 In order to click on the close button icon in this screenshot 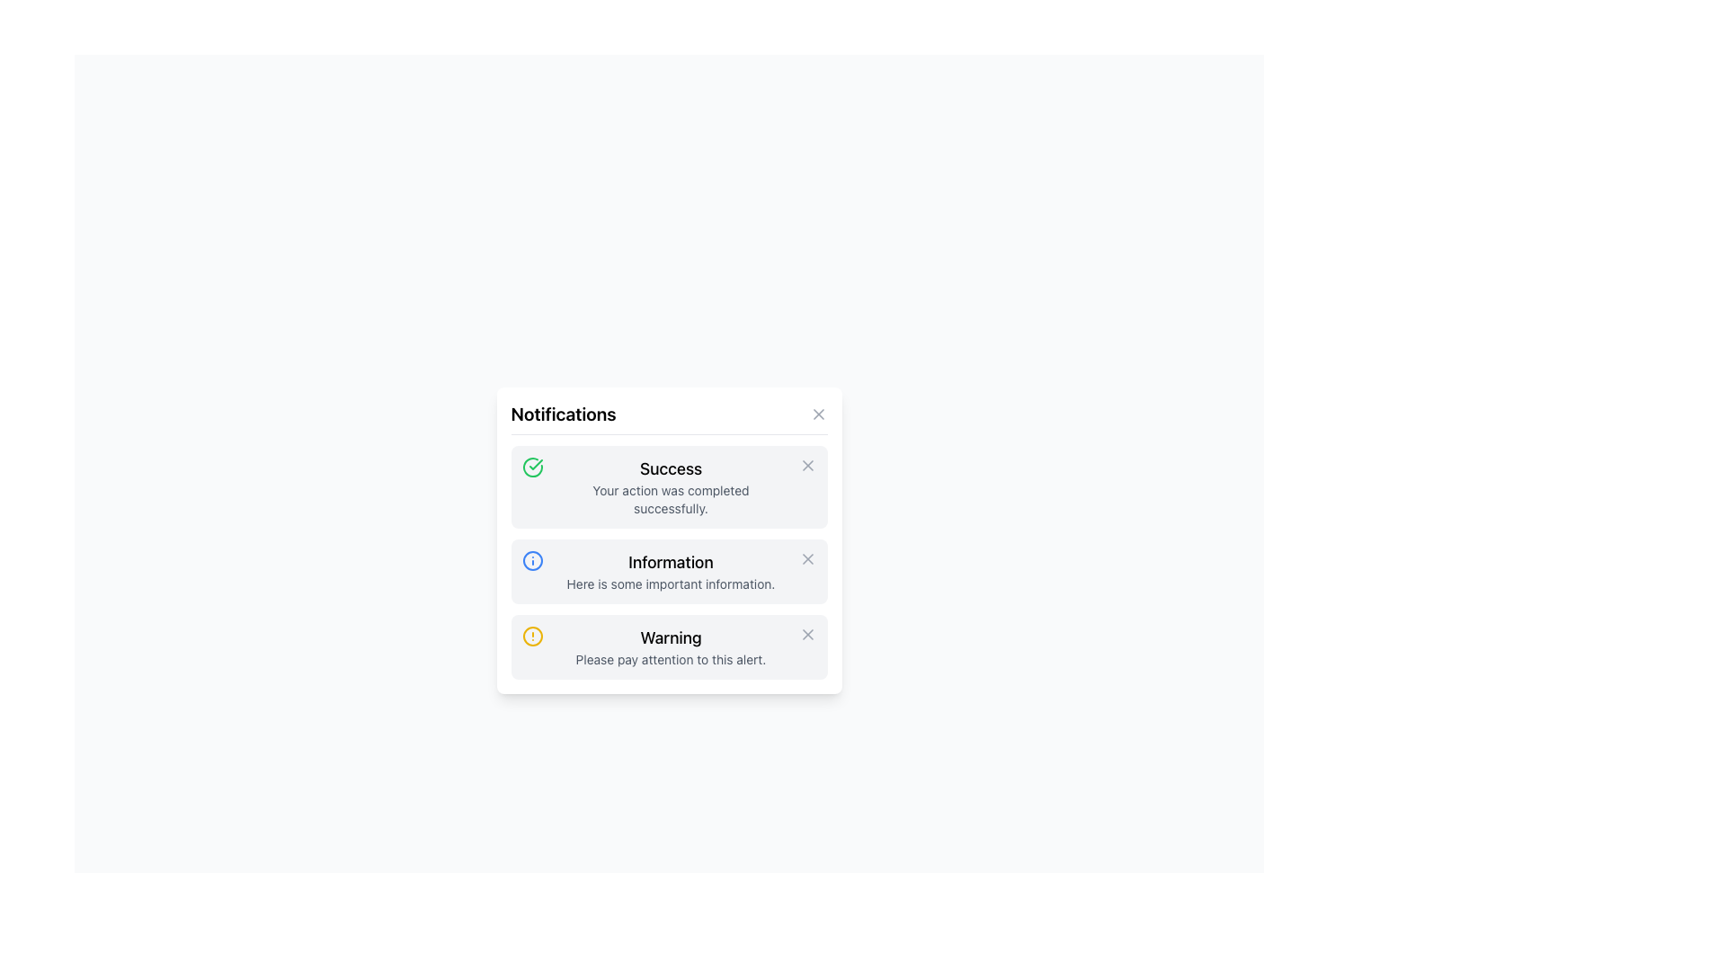, I will do `click(806, 557)`.